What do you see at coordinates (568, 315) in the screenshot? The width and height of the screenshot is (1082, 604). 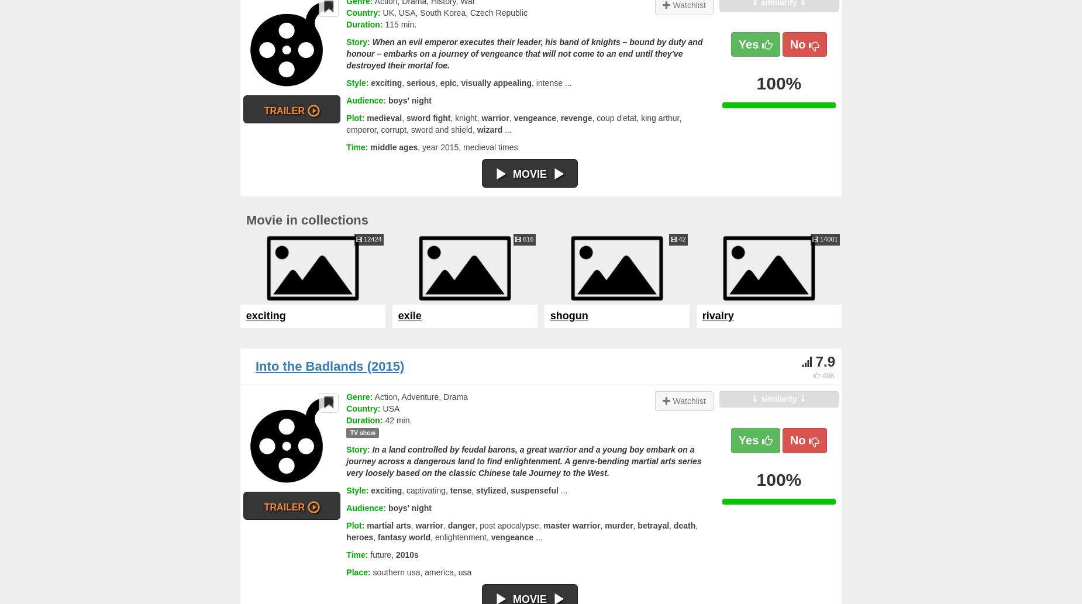 I see `'shogun'` at bounding box center [568, 315].